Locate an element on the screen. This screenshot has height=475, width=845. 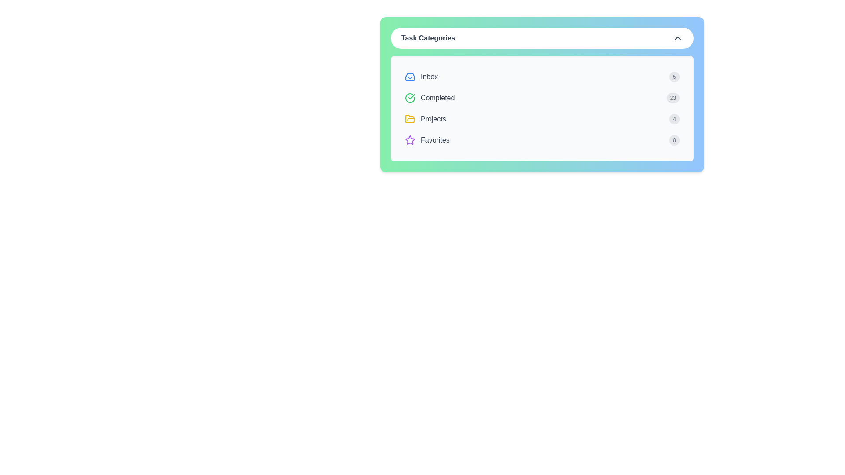
the numerical value displayed on the notification badge indicating the number of pending tasks in the 'Inbox' category, located in the upper-right corner of the 'Inbox' line item within the 'Task Categories' section is located at coordinates (674, 76).